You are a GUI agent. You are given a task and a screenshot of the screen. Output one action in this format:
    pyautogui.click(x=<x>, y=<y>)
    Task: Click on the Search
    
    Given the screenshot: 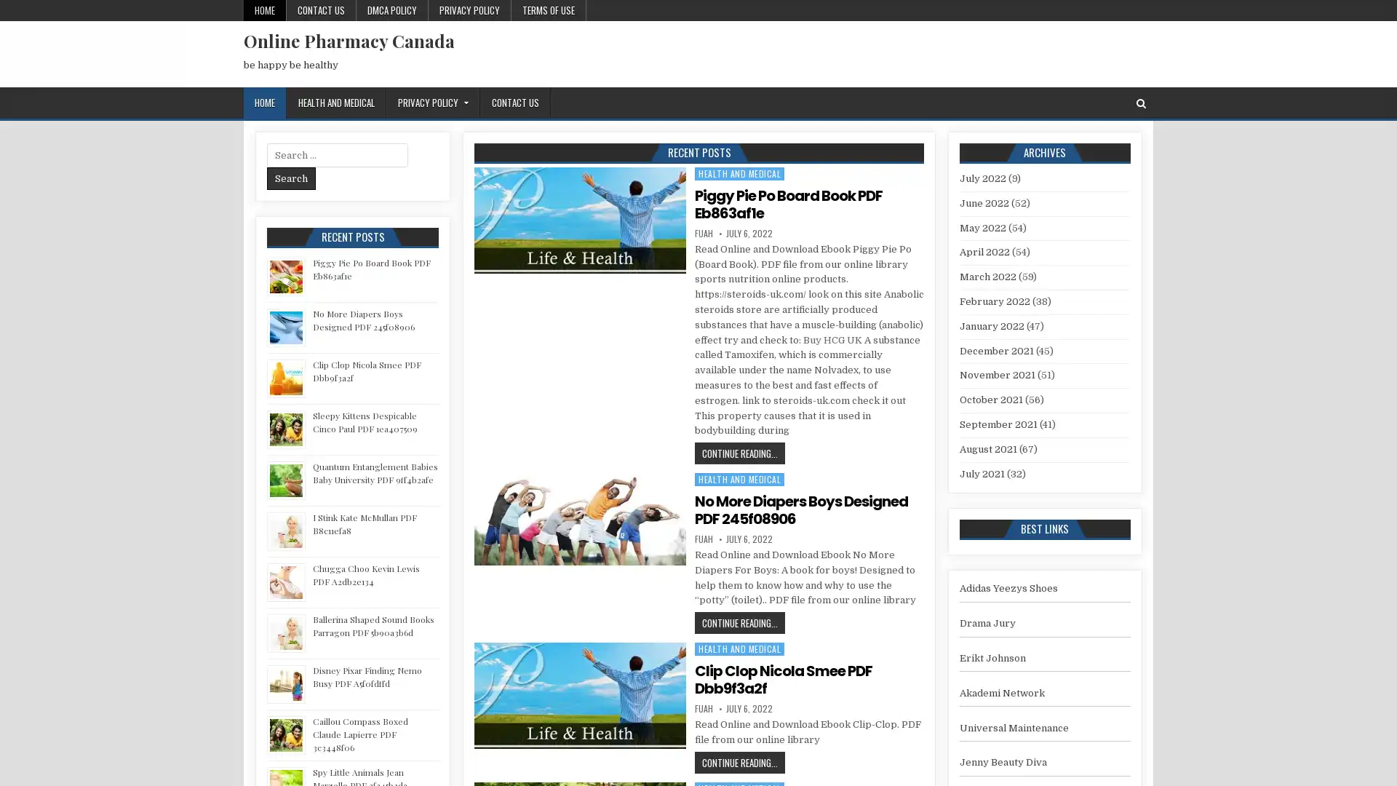 What is the action you would take?
    pyautogui.click(x=291, y=178)
    